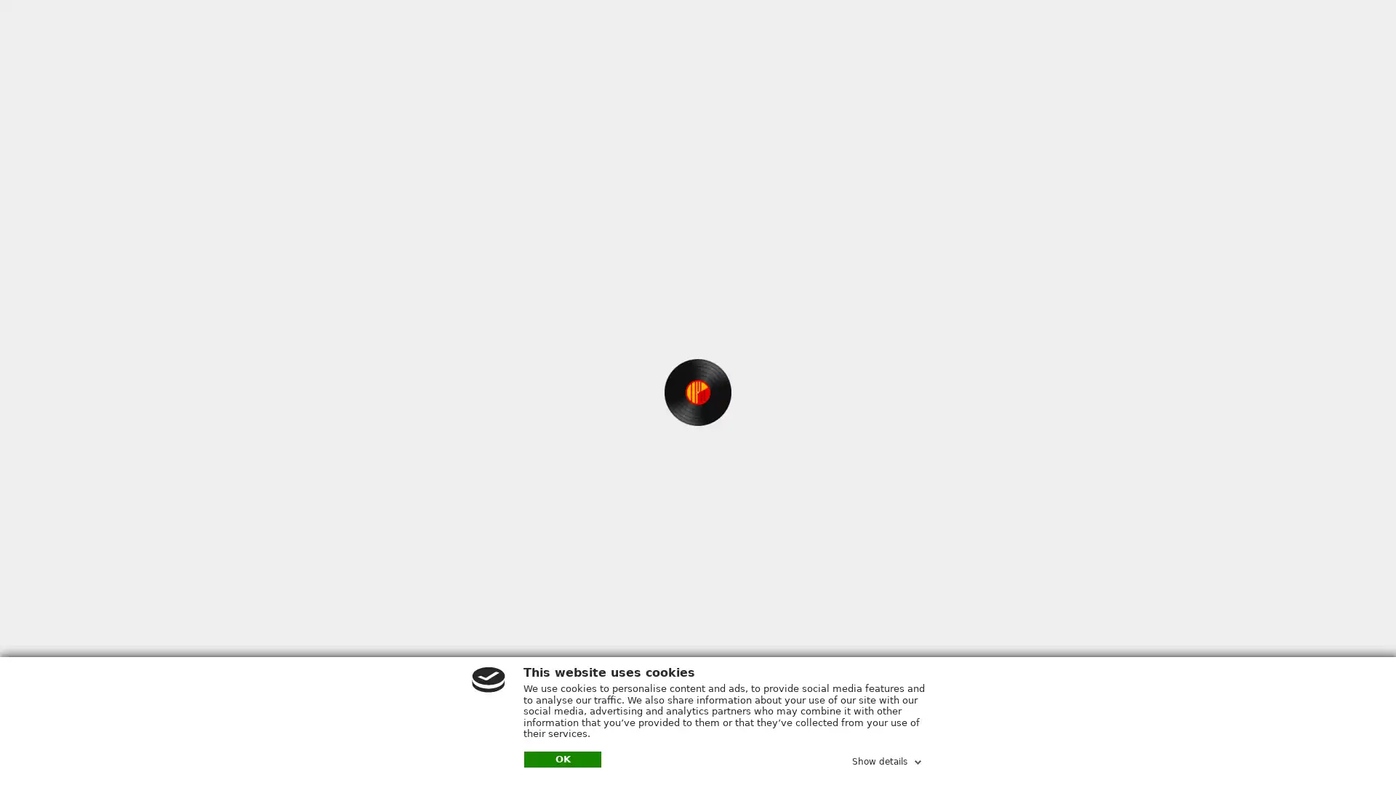 This screenshot has width=1396, height=785. I want to click on add to wish list, so click(795, 249).